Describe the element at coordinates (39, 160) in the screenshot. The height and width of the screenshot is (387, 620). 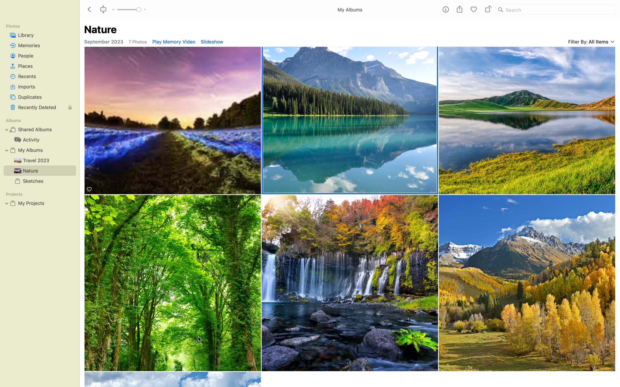
I see `Travel album and view all images by scrolling down` at that location.